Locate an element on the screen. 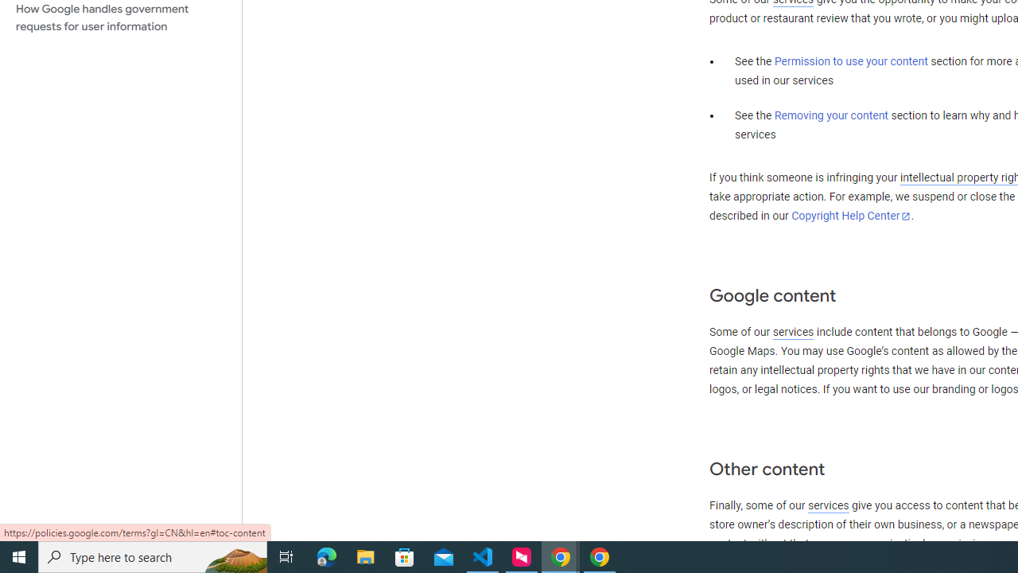 The height and width of the screenshot is (573, 1018). 'services' is located at coordinates (827, 505).